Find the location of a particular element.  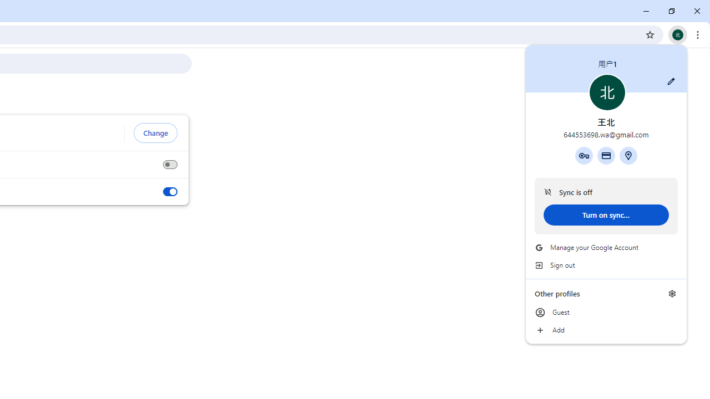

'Bookmark this tab' is located at coordinates (650, 34).